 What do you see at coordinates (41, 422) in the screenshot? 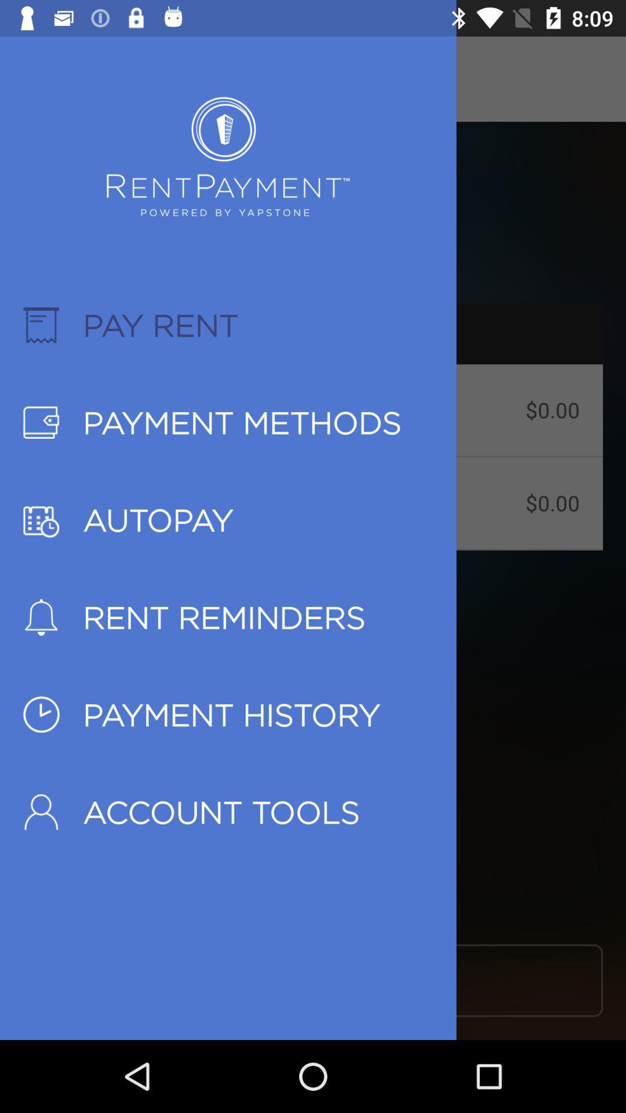
I see `the second icon below pay rent` at bounding box center [41, 422].